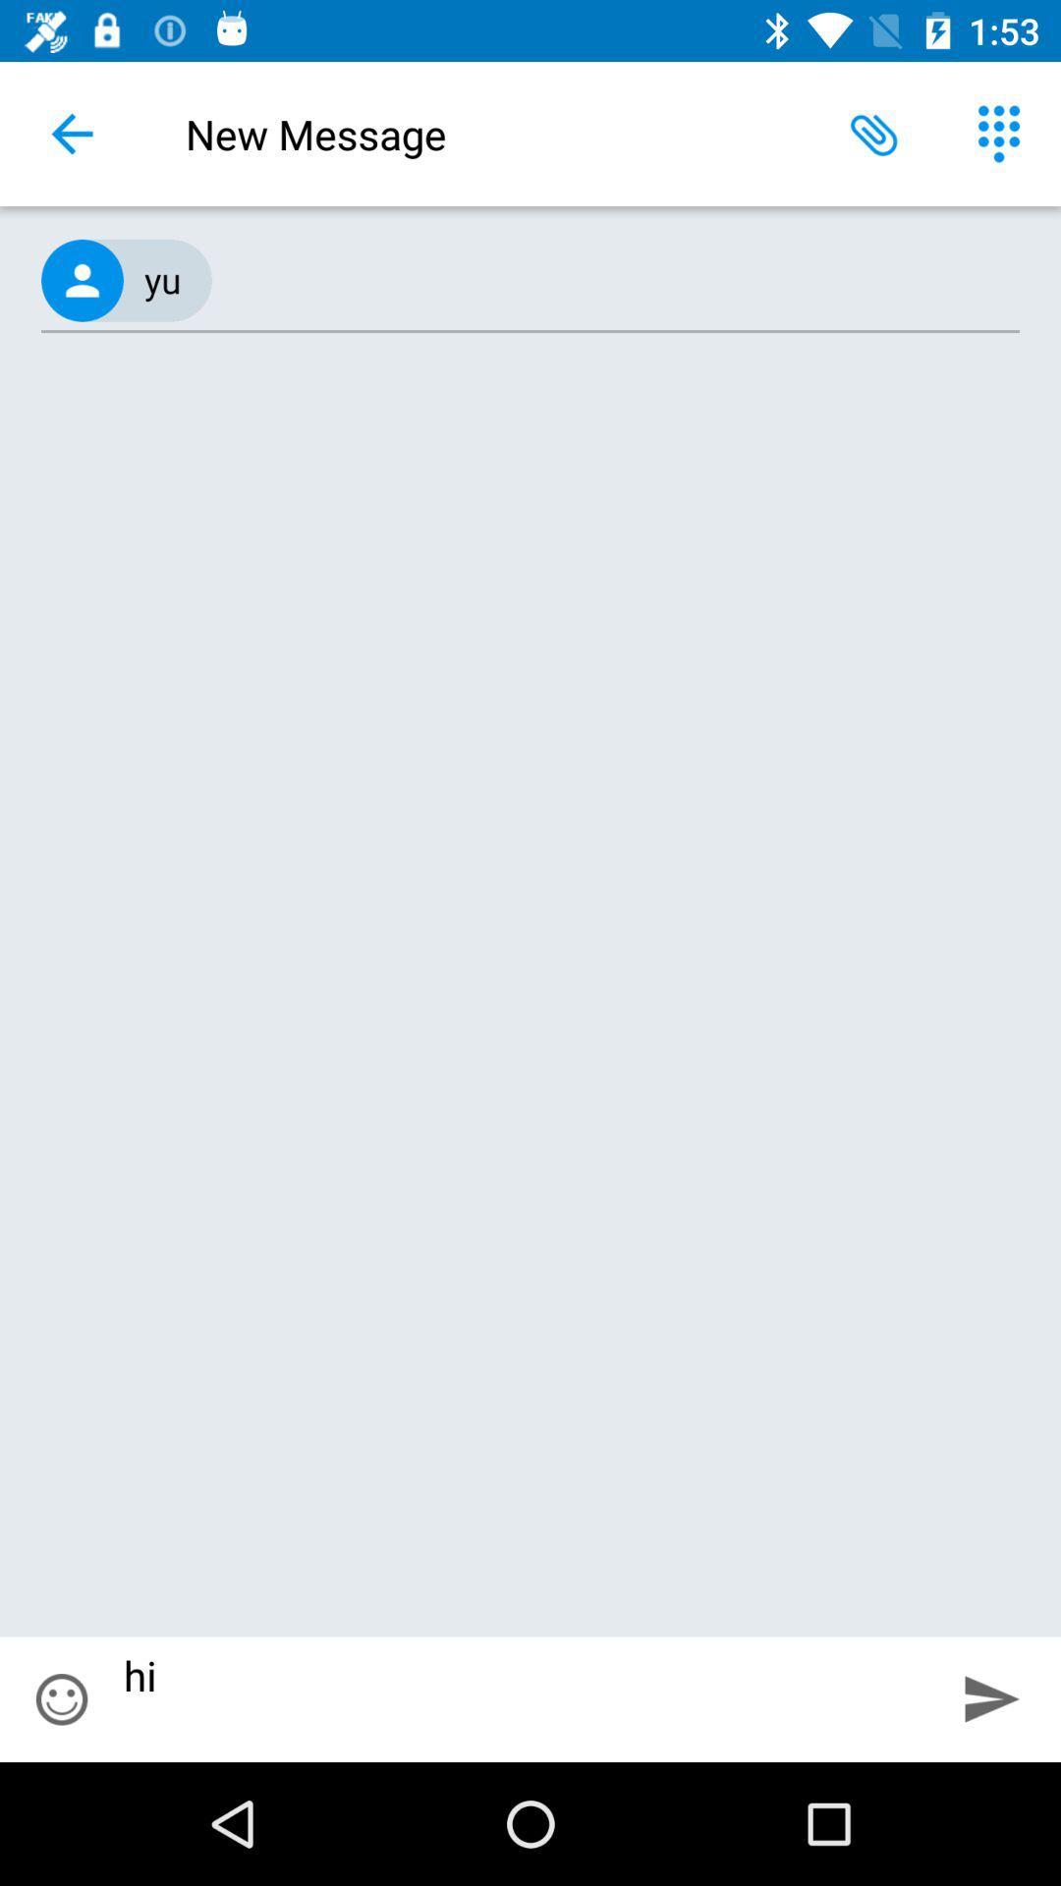 The image size is (1061, 1886). I want to click on item to the left of hi, so click(60, 1698).